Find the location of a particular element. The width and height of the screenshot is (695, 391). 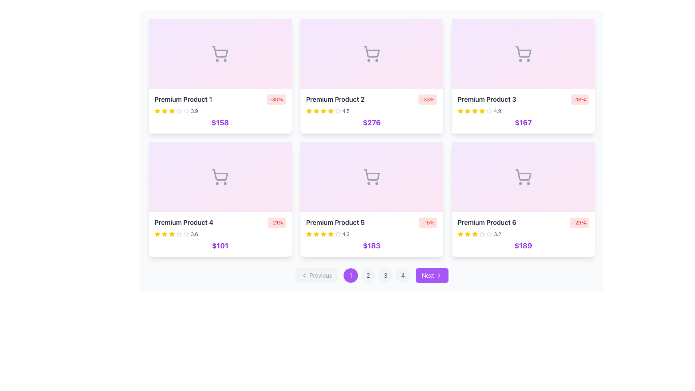

the Card component displaying details about 'Premium Product 4', which includes its rating, price, and discount, located in the leftmost column of the second row is located at coordinates (220, 199).